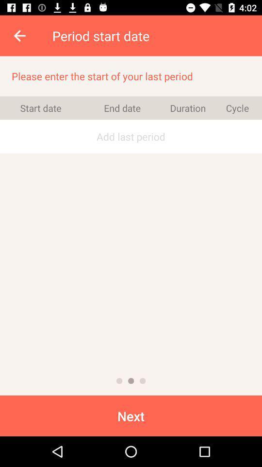 The width and height of the screenshot is (262, 467). Describe the element at coordinates (131, 381) in the screenshot. I see `to previous` at that location.